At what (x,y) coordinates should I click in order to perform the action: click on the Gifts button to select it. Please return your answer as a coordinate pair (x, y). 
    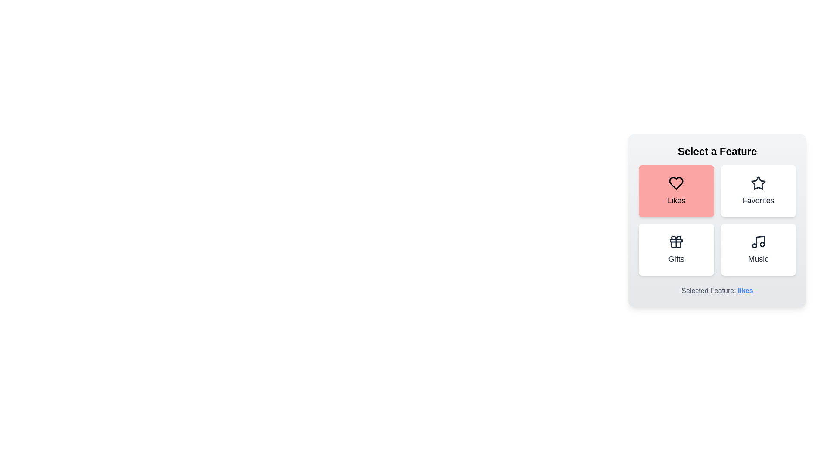
    Looking at the image, I should click on (676, 249).